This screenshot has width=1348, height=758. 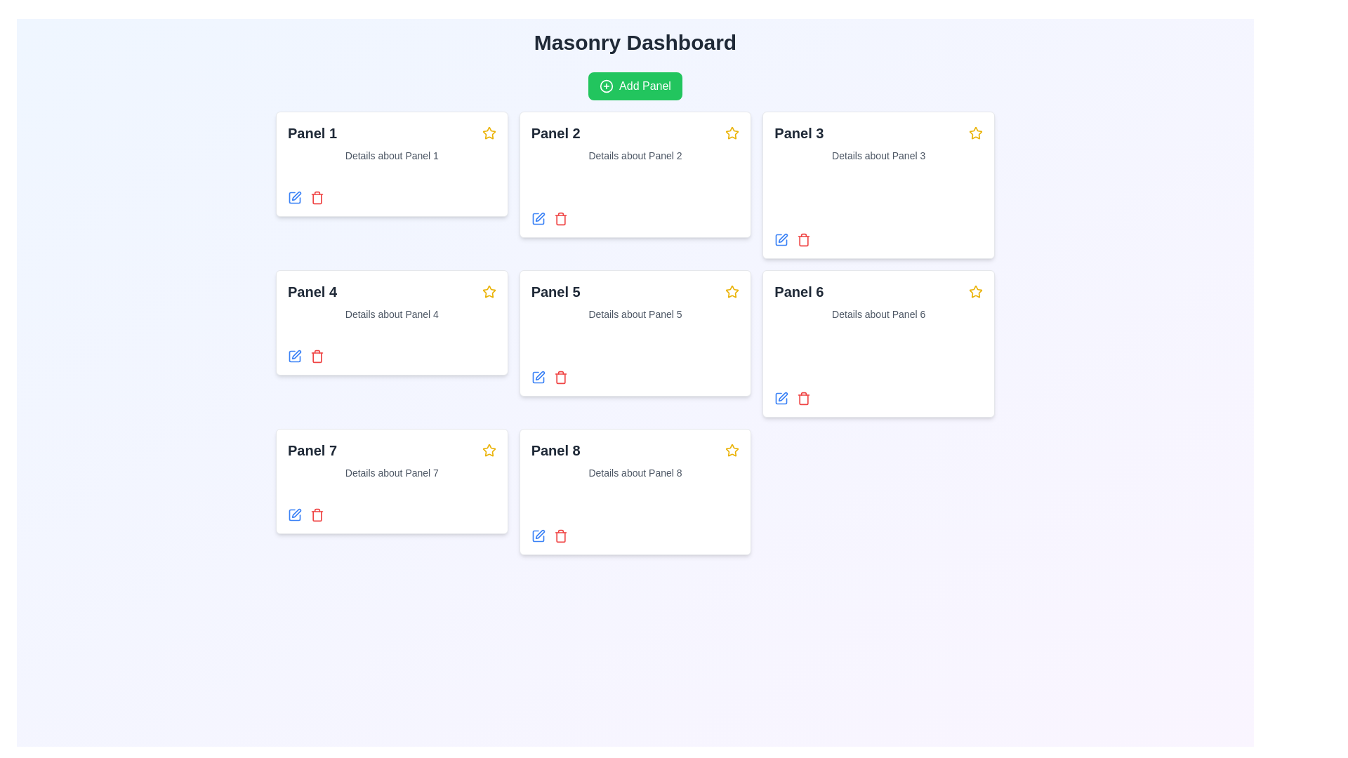 What do you see at coordinates (804, 240) in the screenshot?
I see `the trash can icon located` at bounding box center [804, 240].